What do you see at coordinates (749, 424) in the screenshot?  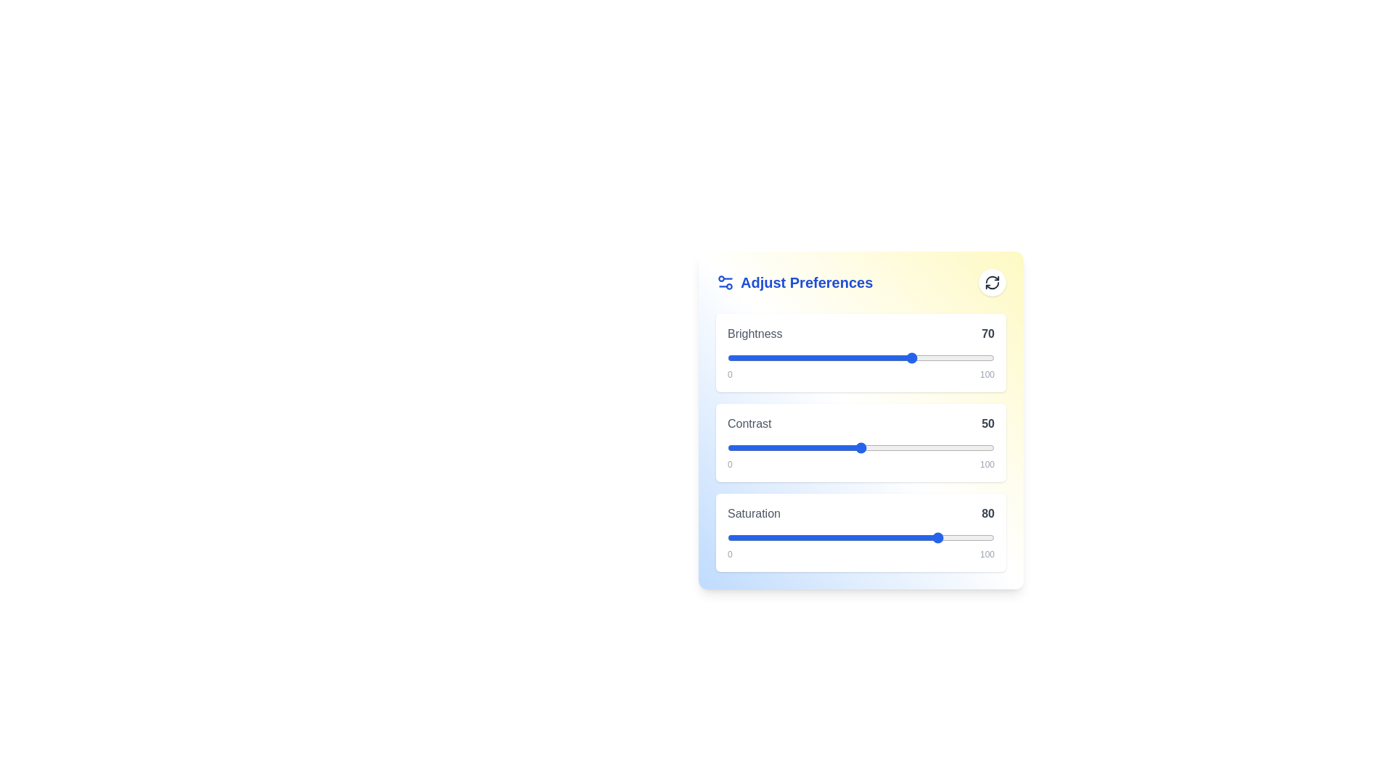 I see `the descriptive text label for the contrast adjustment slider, located to the left of the numeric value '50' and above the slider control` at bounding box center [749, 424].